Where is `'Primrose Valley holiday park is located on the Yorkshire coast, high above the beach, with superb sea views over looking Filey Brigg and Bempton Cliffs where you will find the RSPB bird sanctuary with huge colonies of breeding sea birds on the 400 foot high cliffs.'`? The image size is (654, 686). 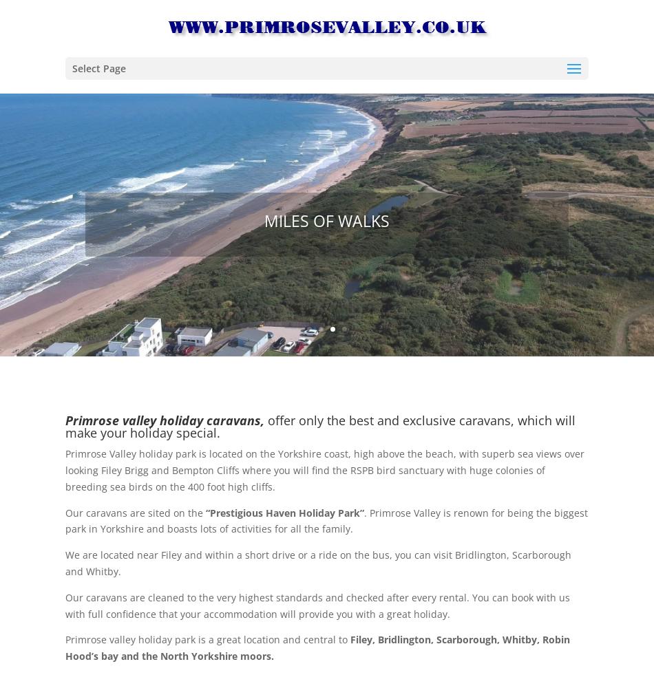 'Primrose Valley holiday park is located on the Yorkshire coast, high above the beach, with superb sea views over looking Filey Brigg and Bempton Cliffs where you will find the RSPB bird sanctuary with huge colonies of breeding sea birds on the 400 foot high cliffs.' is located at coordinates (65, 469).